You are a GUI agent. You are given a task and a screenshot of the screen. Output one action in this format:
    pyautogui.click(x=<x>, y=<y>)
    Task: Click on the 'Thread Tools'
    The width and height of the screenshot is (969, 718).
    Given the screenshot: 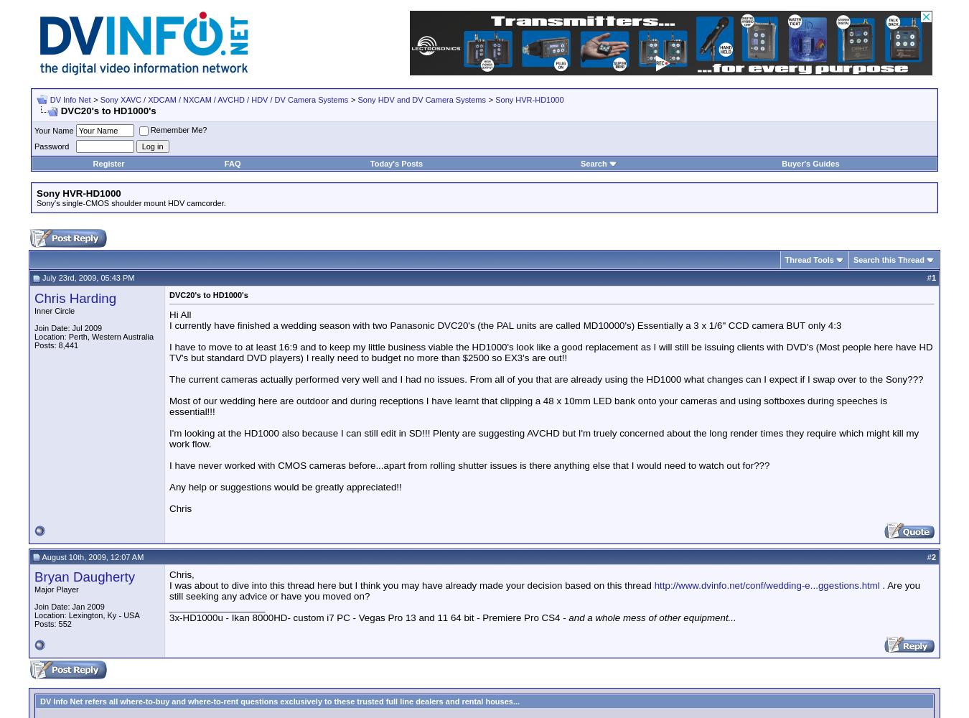 What is the action you would take?
    pyautogui.click(x=807, y=258)
    